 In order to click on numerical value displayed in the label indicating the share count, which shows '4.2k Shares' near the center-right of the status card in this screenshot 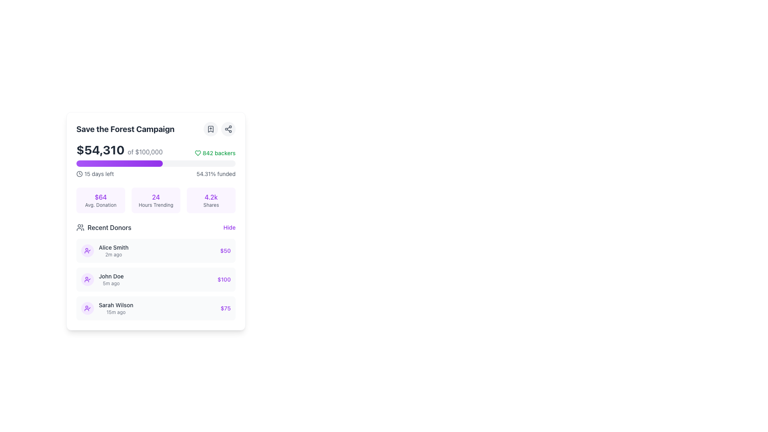, I will do `click(211, 197)`.